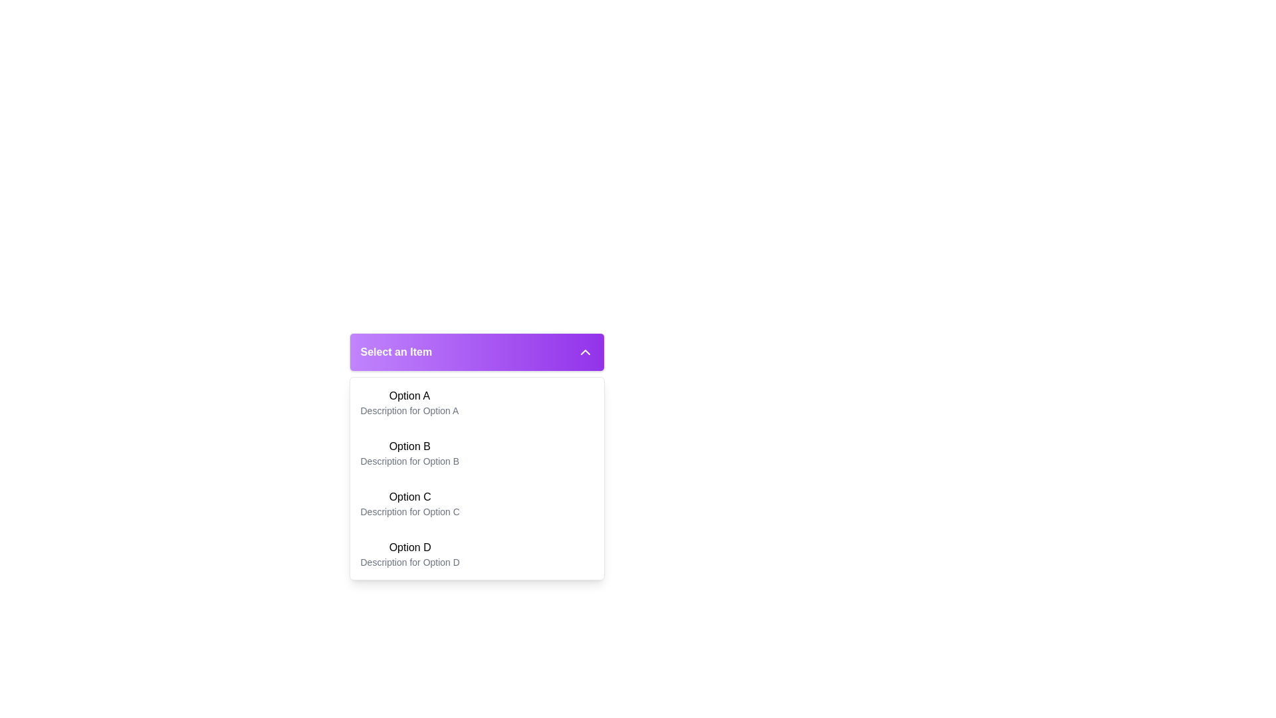  What do you see at coordinates (409, 504) in the screenshot?
I see `the third item labeled 'Option C' in the dropdown menu 'Select an Item'` at bounding box center [409, 504].